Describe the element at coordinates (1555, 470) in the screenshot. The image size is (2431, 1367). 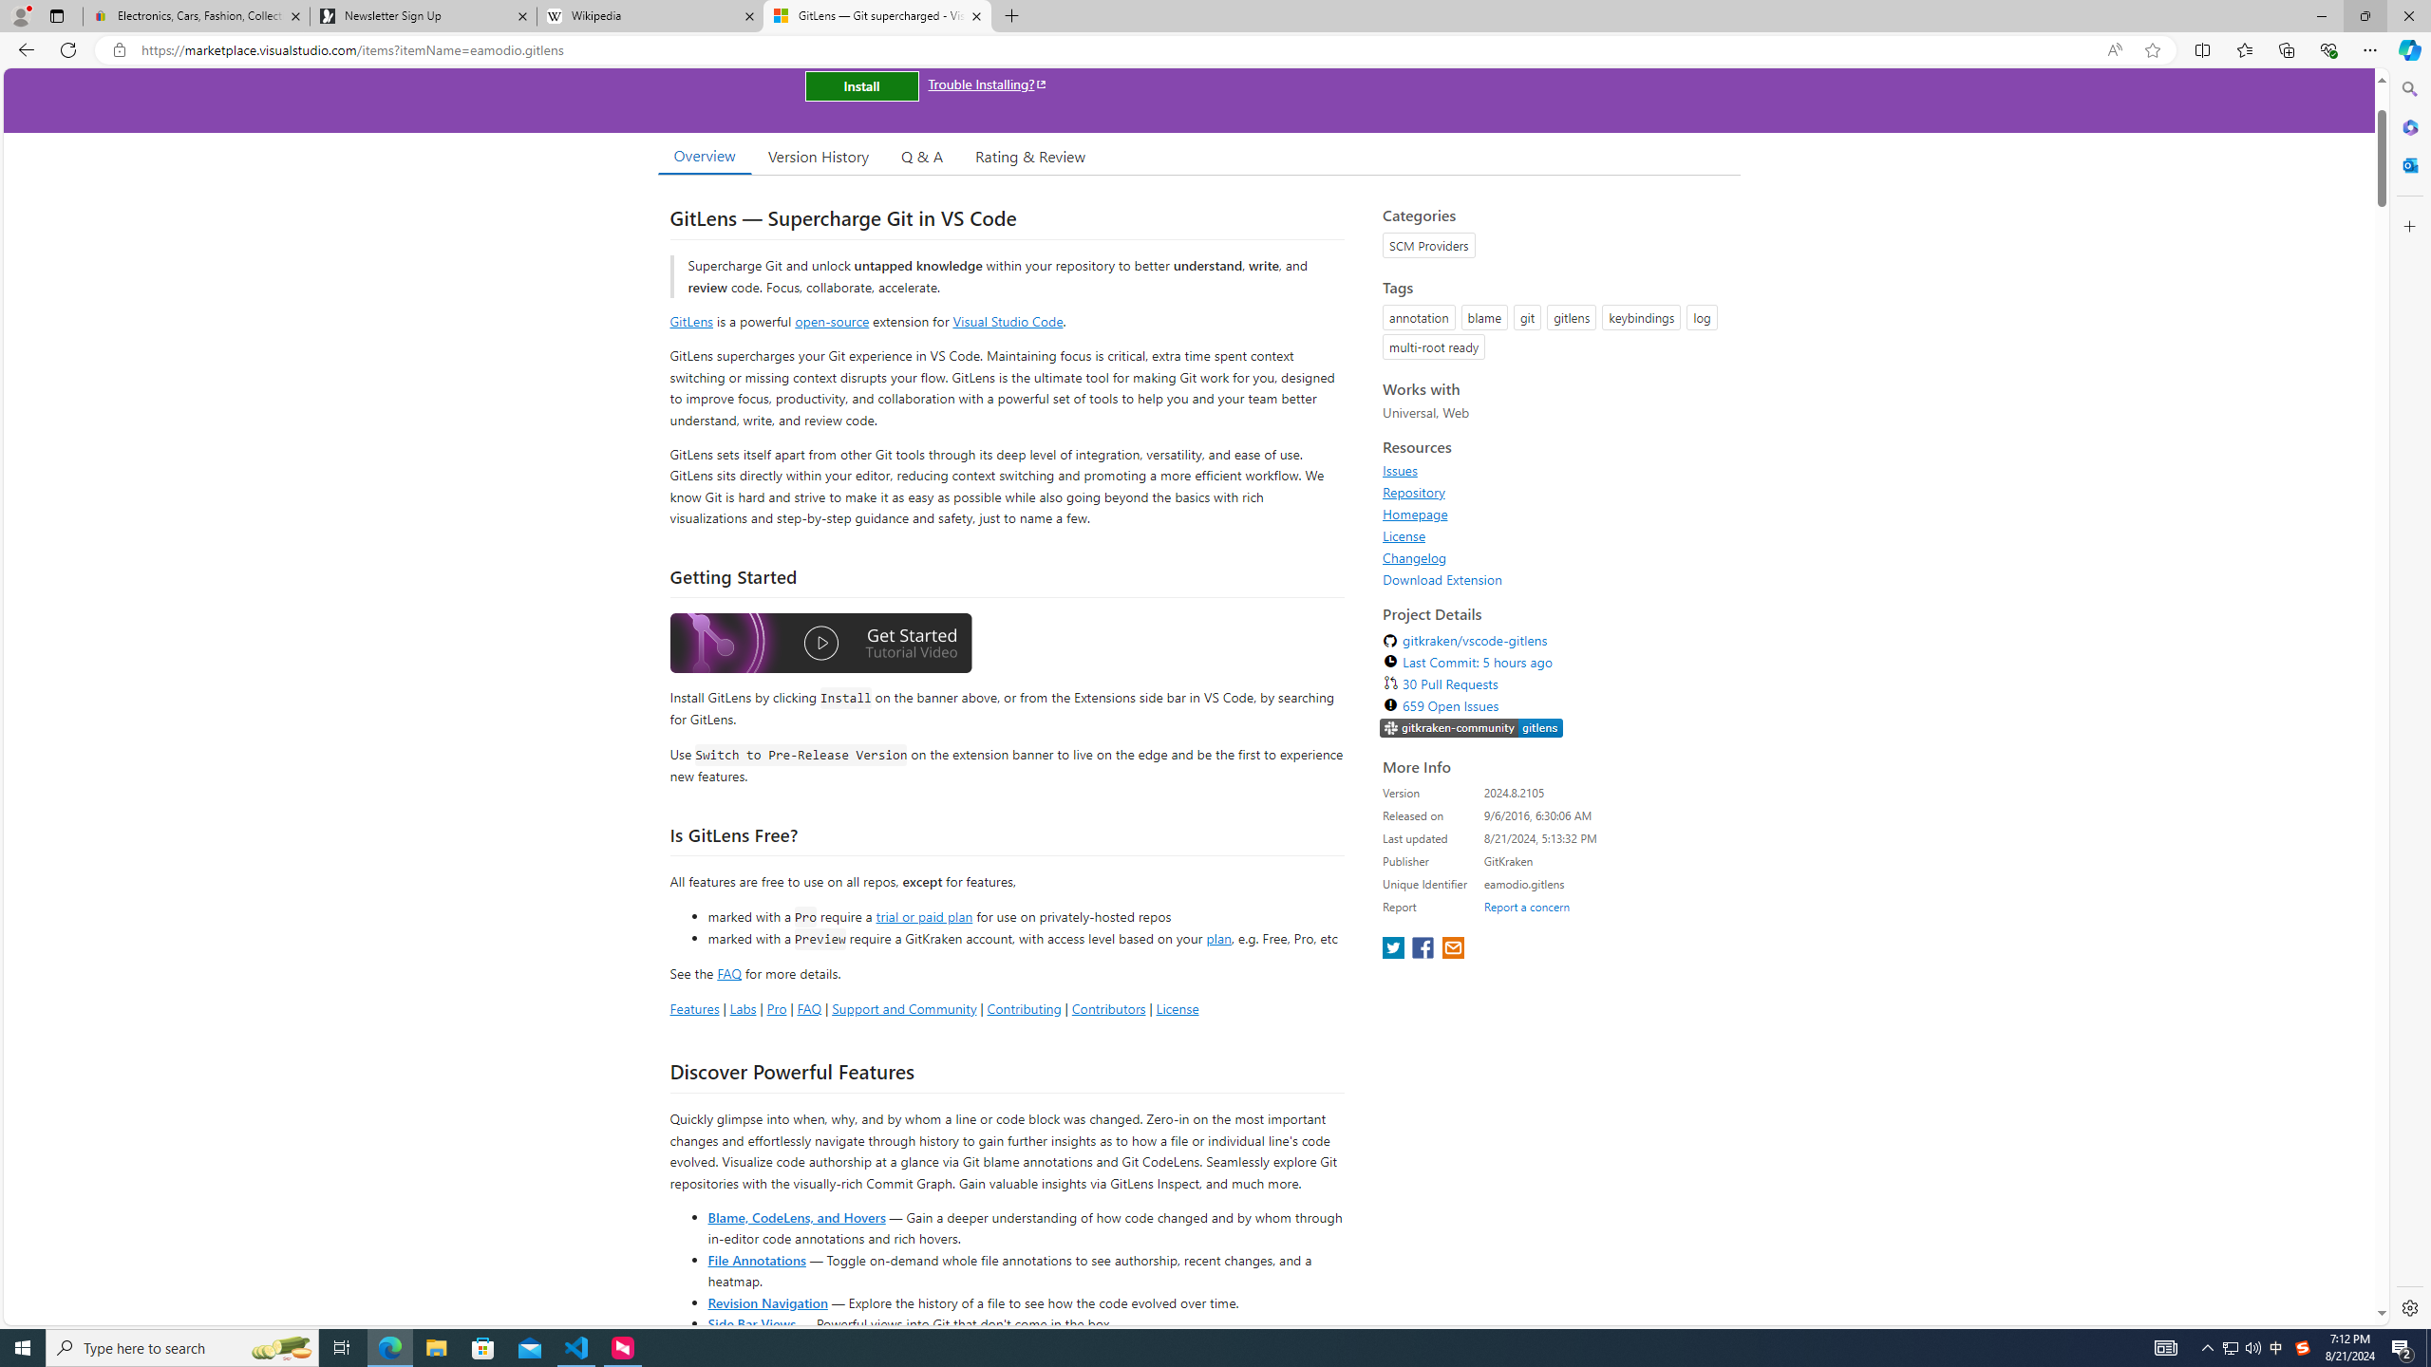
I see `'Issues'` at that location.